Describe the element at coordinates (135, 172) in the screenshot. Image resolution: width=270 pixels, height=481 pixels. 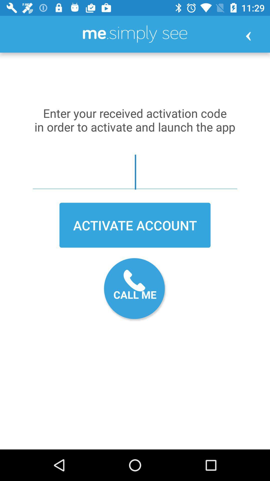
I see `item below enter your received icon` at that location.